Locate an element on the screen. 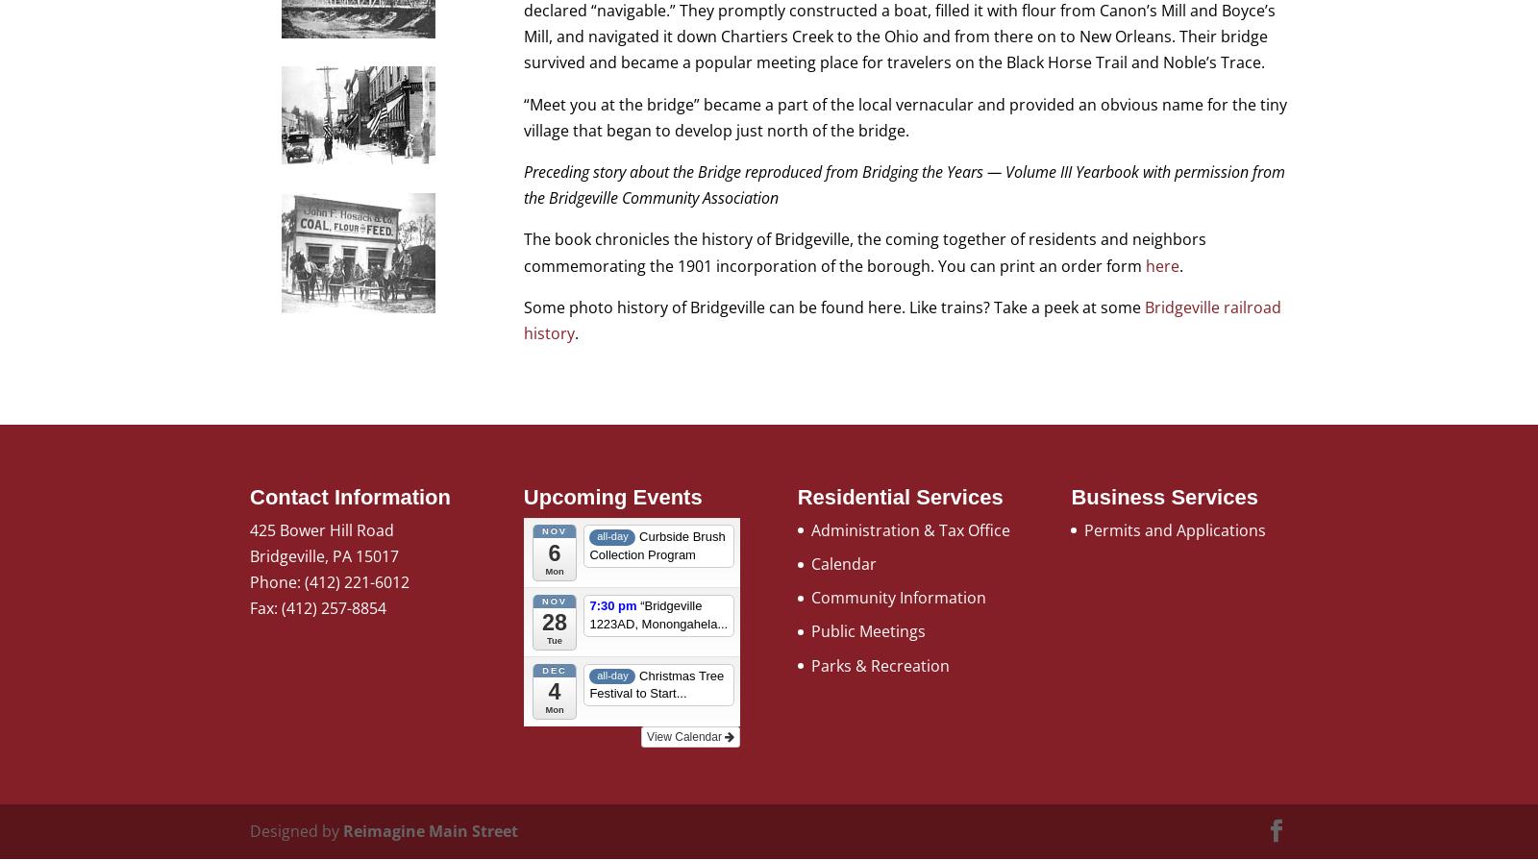 The width and height of the screenshot is (1538, 860). 'Parks & Recreation' is located at coordinates (879, 664).